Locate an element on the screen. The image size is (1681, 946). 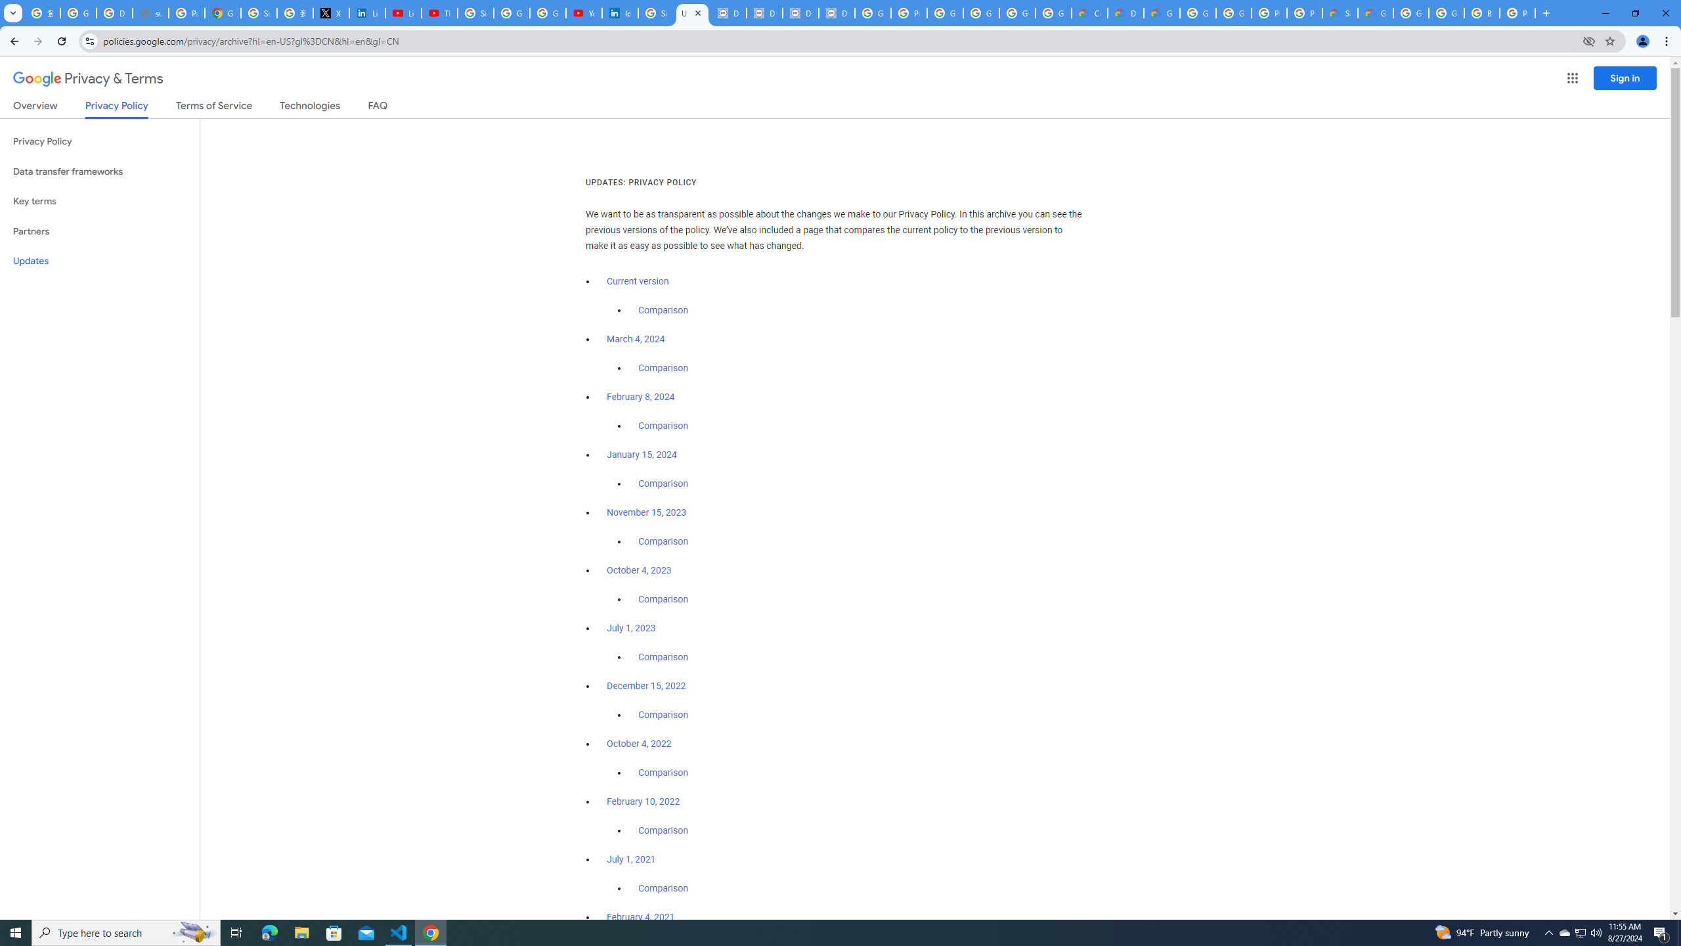
'Terms of Service' is located at coordinates (213, 108).